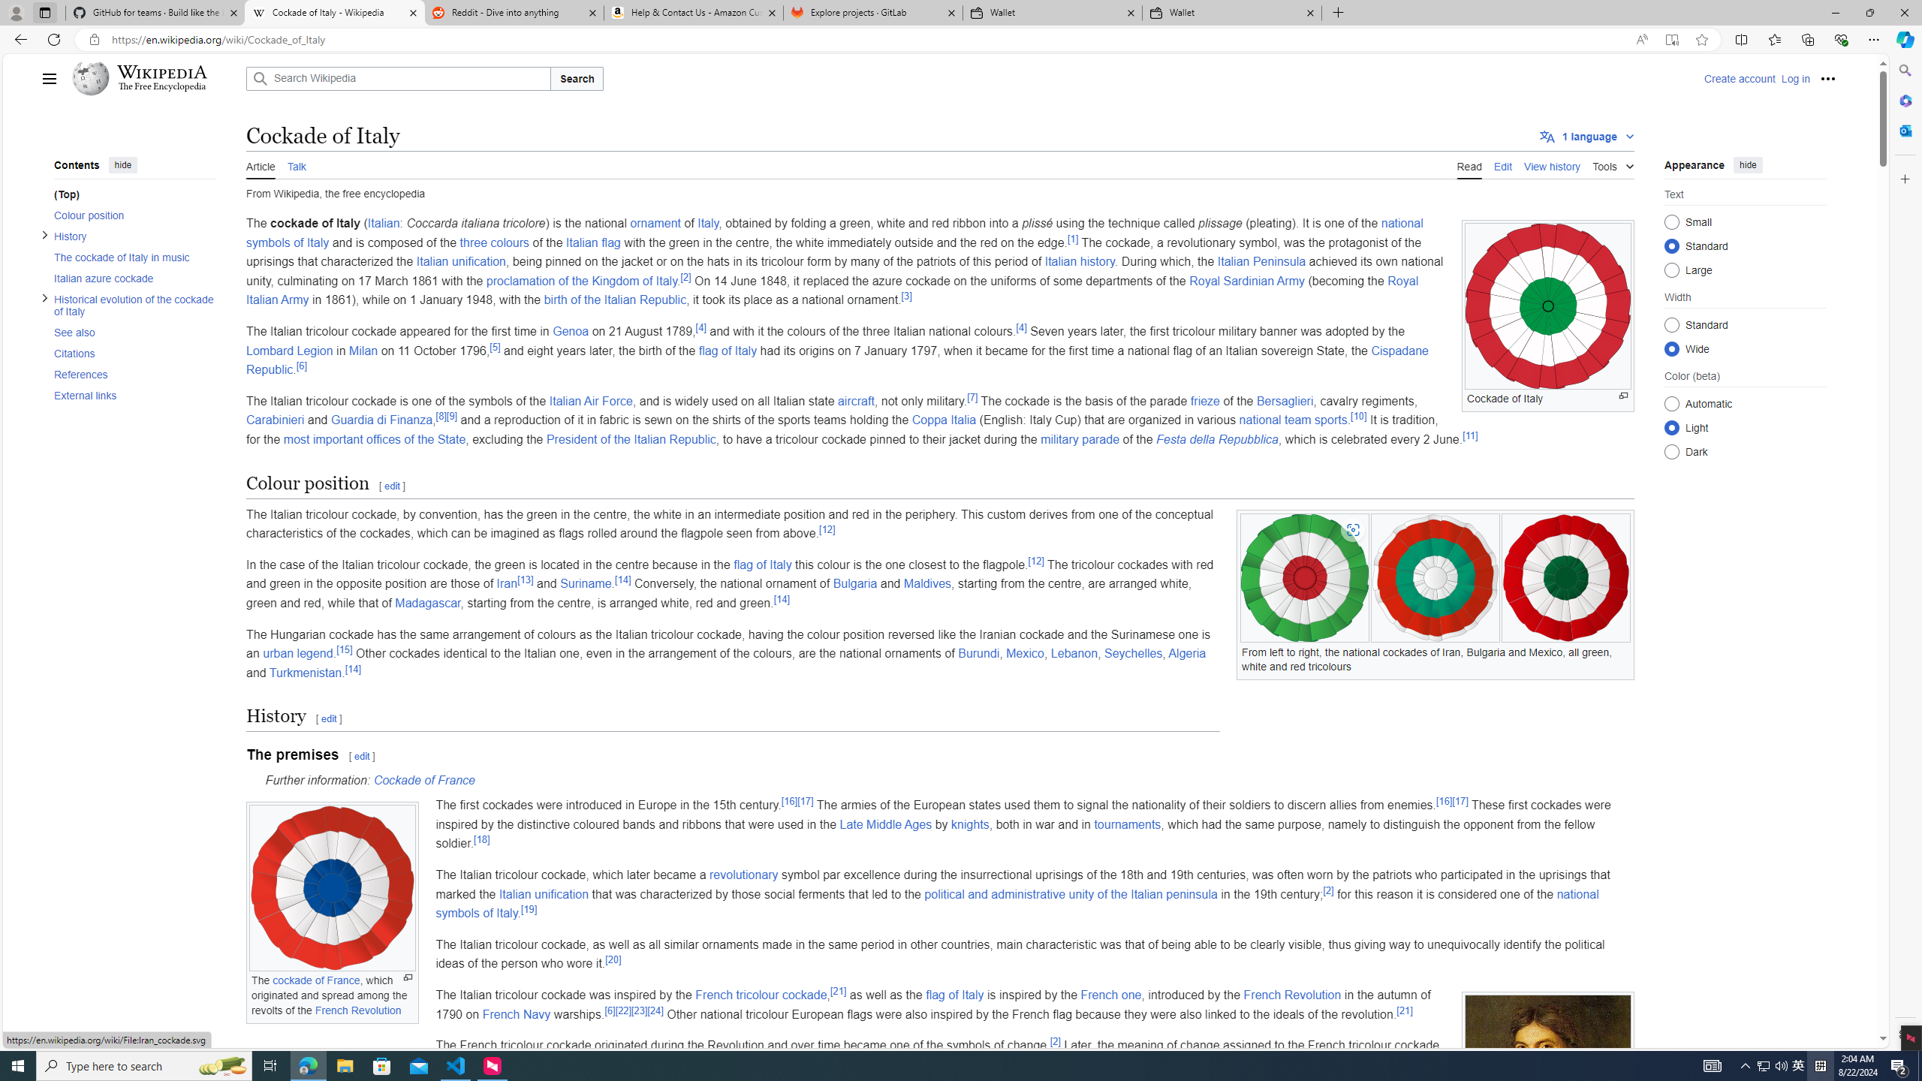 The width and height of the screenshot is (1922, 1081). I want to click on 'References', so click(134, 373).